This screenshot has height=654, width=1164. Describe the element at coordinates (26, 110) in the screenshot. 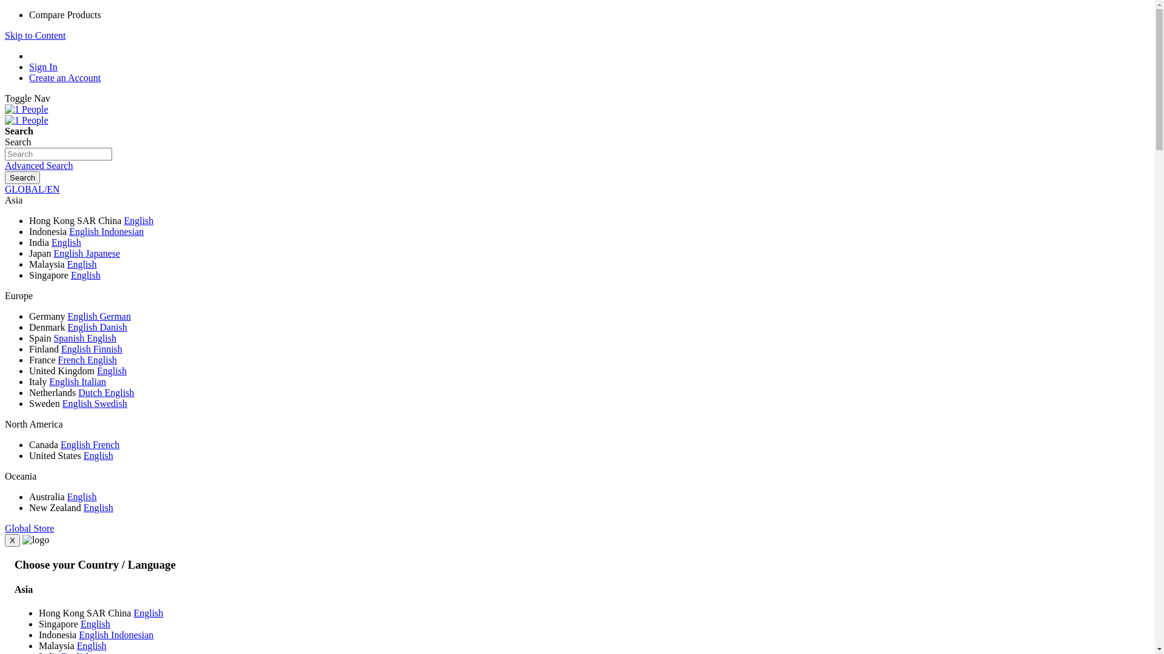

I see `'1 People'` at that location.